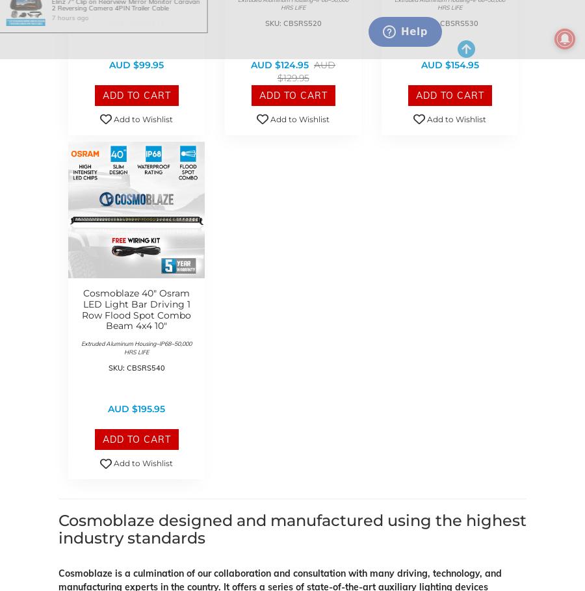 The height and width of the screenshot is (591, 585). I want to click on 'Cosmoblaze designed and manufactured using the highest industry standards', so click(292, 529).